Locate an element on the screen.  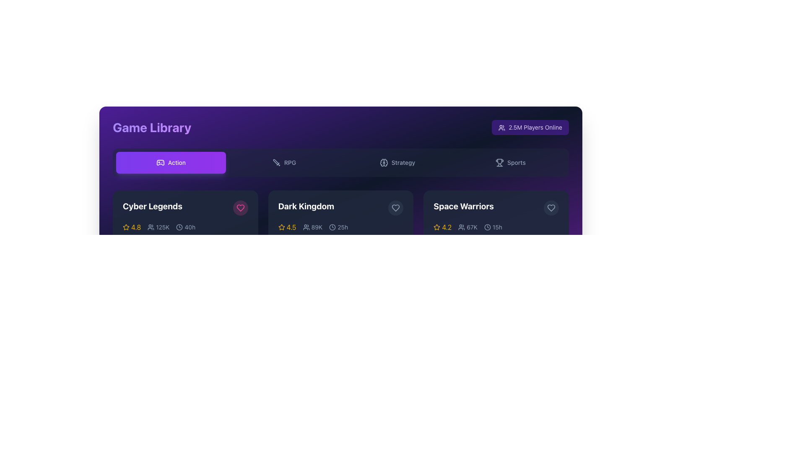
numeric rating '4.5' displayed next to the yellow outlined star icon in the lower-left part of the 'Dark Kingdom' game card is located at coordinates (287, 227).